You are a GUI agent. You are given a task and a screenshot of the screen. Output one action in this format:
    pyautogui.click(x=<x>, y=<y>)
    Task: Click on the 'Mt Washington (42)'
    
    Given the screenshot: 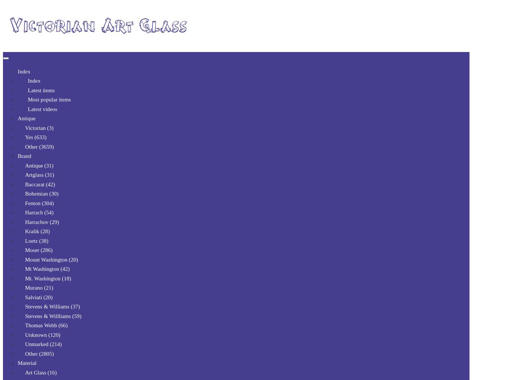 What is the action you would take?
    pyautogui.click(x=47, y=269)
    